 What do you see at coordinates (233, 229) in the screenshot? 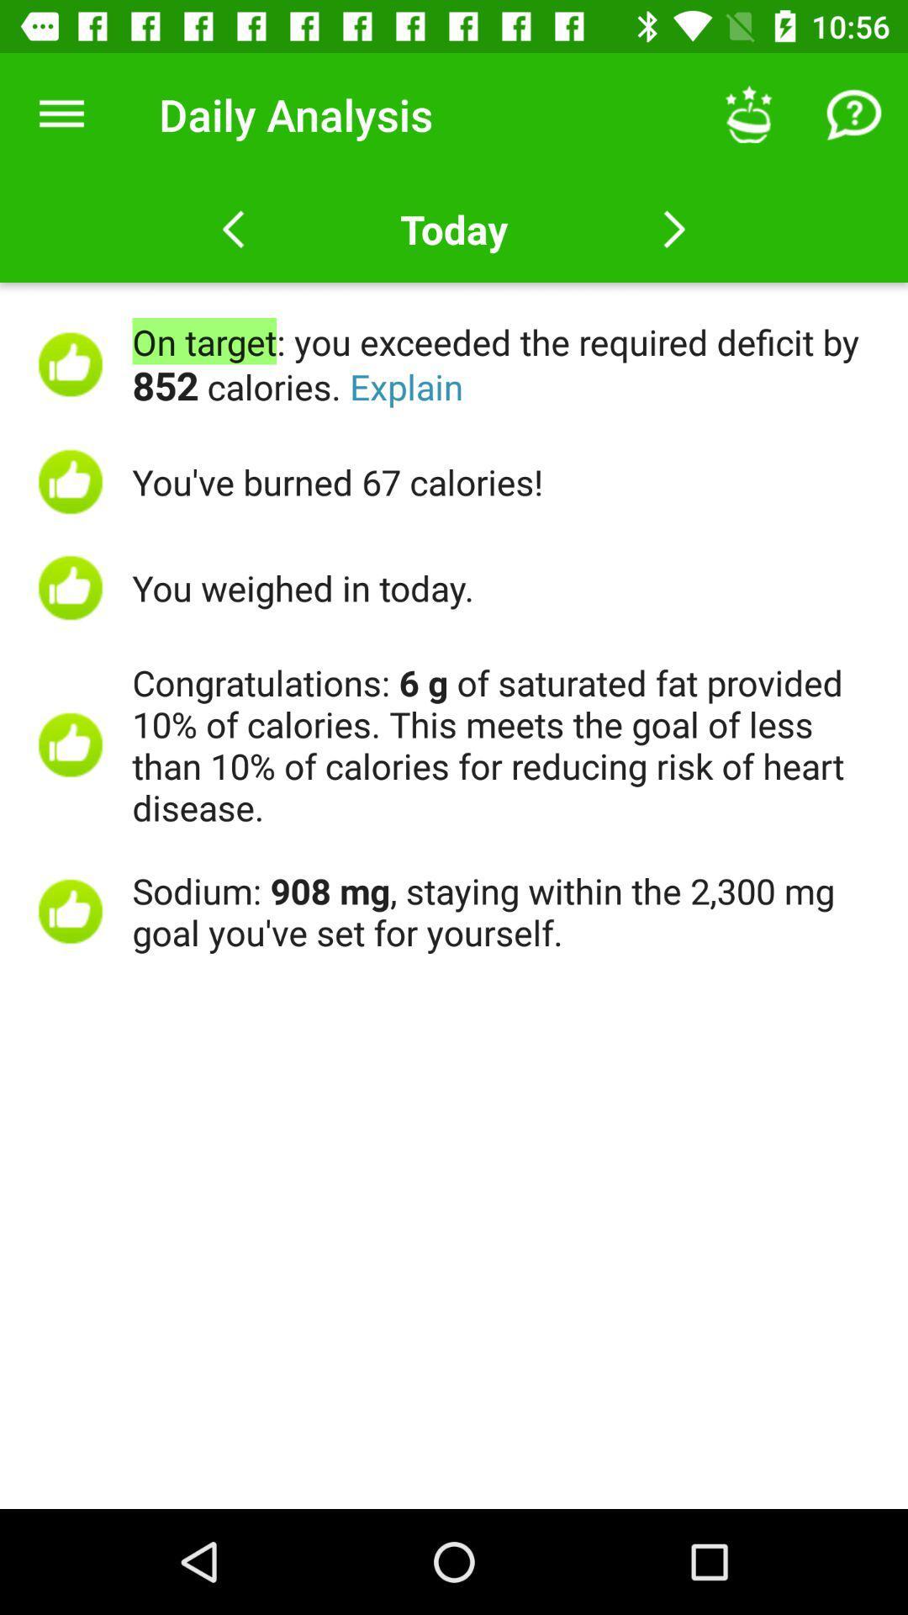
I see `previous day` at bounding box center [233, 229].